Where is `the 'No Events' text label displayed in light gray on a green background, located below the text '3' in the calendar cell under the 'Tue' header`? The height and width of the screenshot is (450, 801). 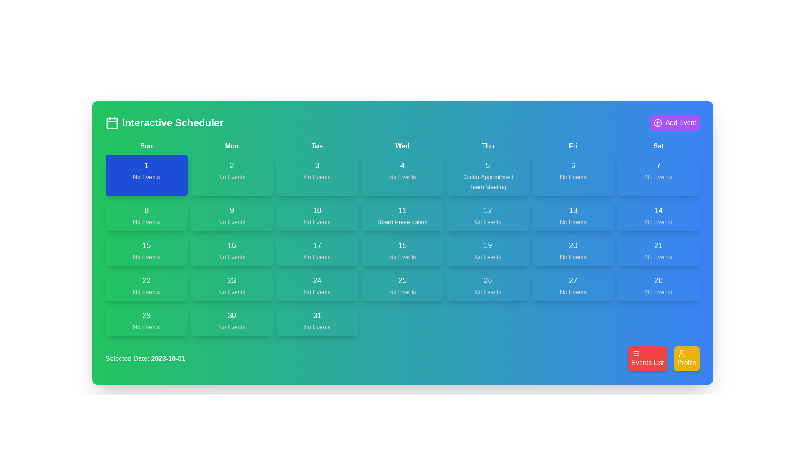 the 'No Events' text label displayed in light gray on a green background, located below the text '3' in the calendar cell under the 'Tue' header is located at coordinates (317, 176).